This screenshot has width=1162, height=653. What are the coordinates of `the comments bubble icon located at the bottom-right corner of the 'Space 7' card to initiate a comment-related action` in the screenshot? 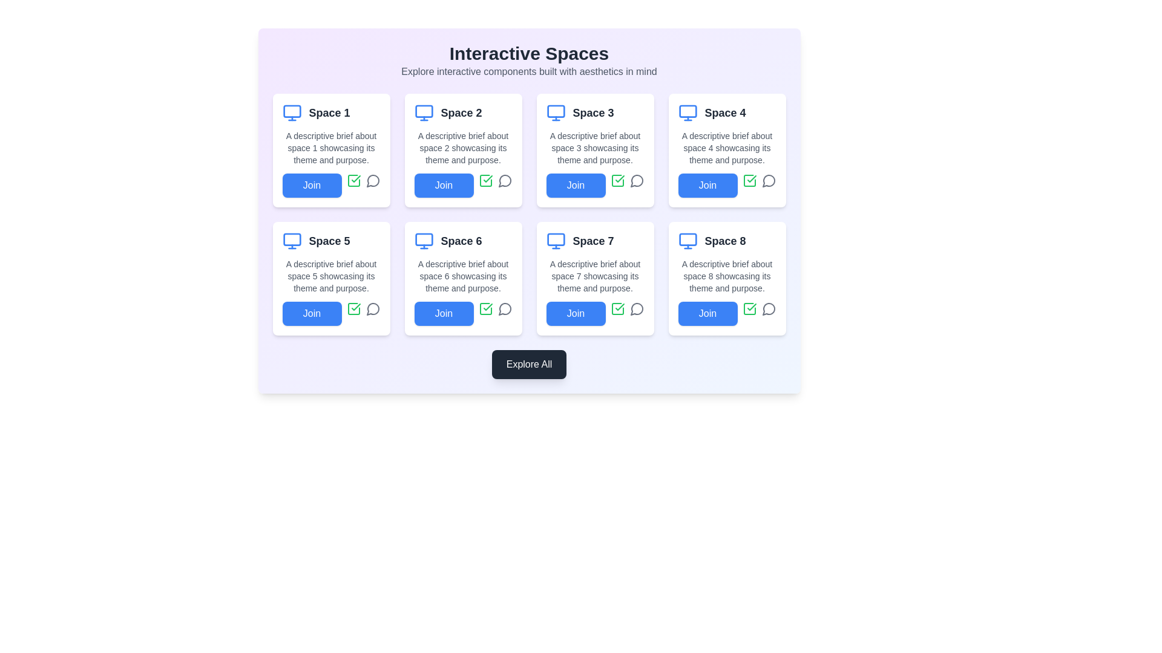 It's located at (635, 308).